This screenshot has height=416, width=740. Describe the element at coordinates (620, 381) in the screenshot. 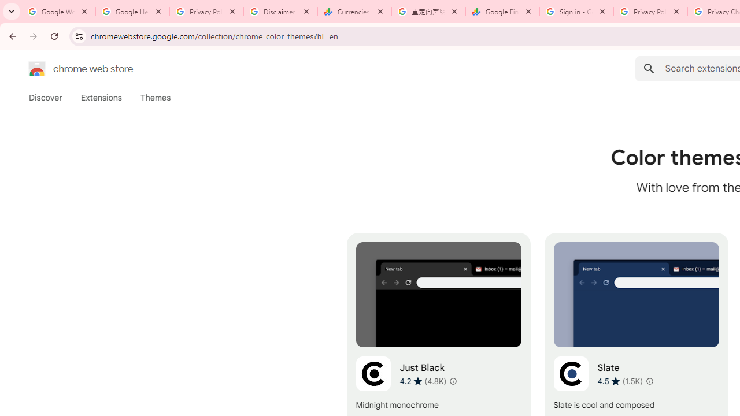

I see `'Average rating 4.5 out of 5 stars. 1.5K ratings.'` at that location.